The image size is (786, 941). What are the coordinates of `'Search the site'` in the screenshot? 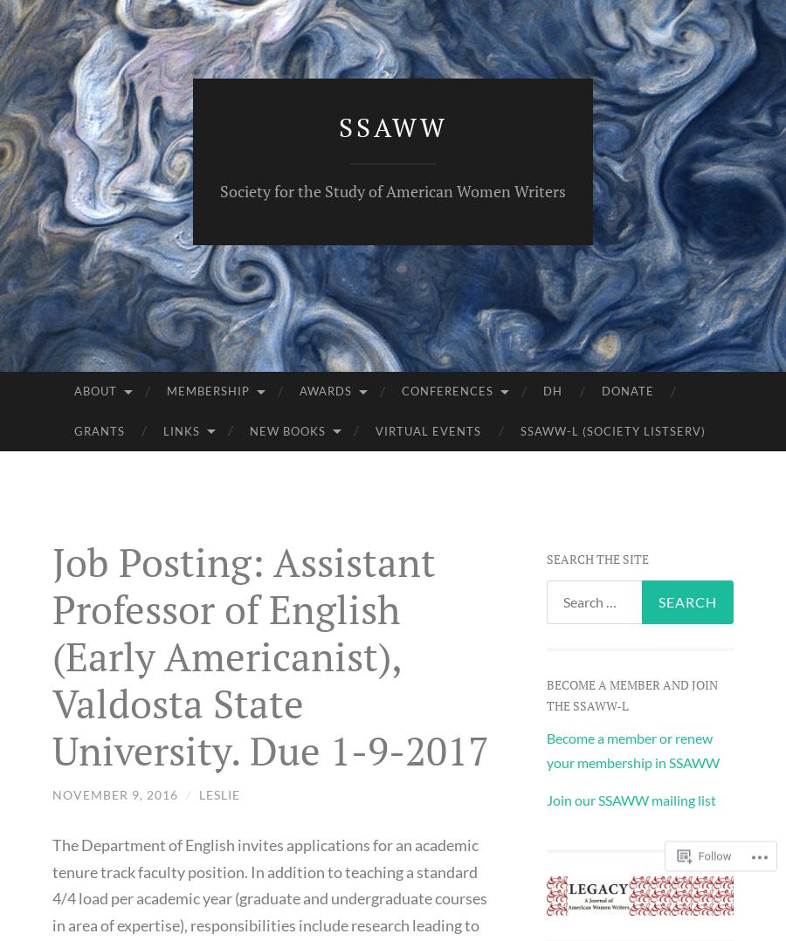 It's located at (596, 557).